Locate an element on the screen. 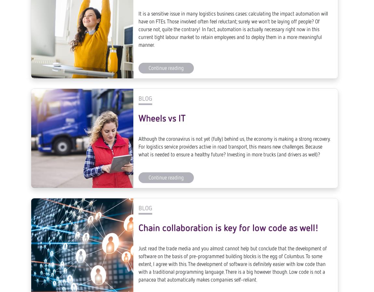 This screenshot has height=292, width=374. 'Blog' is located at coordinates (138, 113).